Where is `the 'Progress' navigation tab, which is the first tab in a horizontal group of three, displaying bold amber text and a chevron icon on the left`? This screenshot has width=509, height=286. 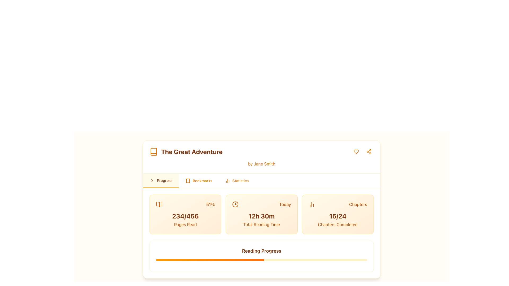
the 'Progress' navigation tab, which is the first tab in a horizontal group of three, displaying bold amber text and a chevron icon on the left is located at coordinates (161, 180).